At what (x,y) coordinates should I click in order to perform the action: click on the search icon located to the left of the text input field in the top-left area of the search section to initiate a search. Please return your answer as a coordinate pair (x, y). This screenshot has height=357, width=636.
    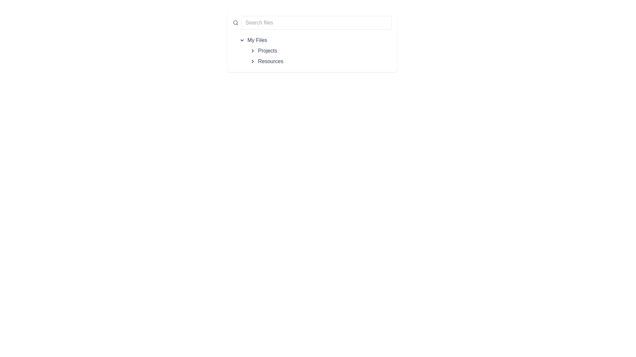
    Looking at the image, I should click on (236, 22).